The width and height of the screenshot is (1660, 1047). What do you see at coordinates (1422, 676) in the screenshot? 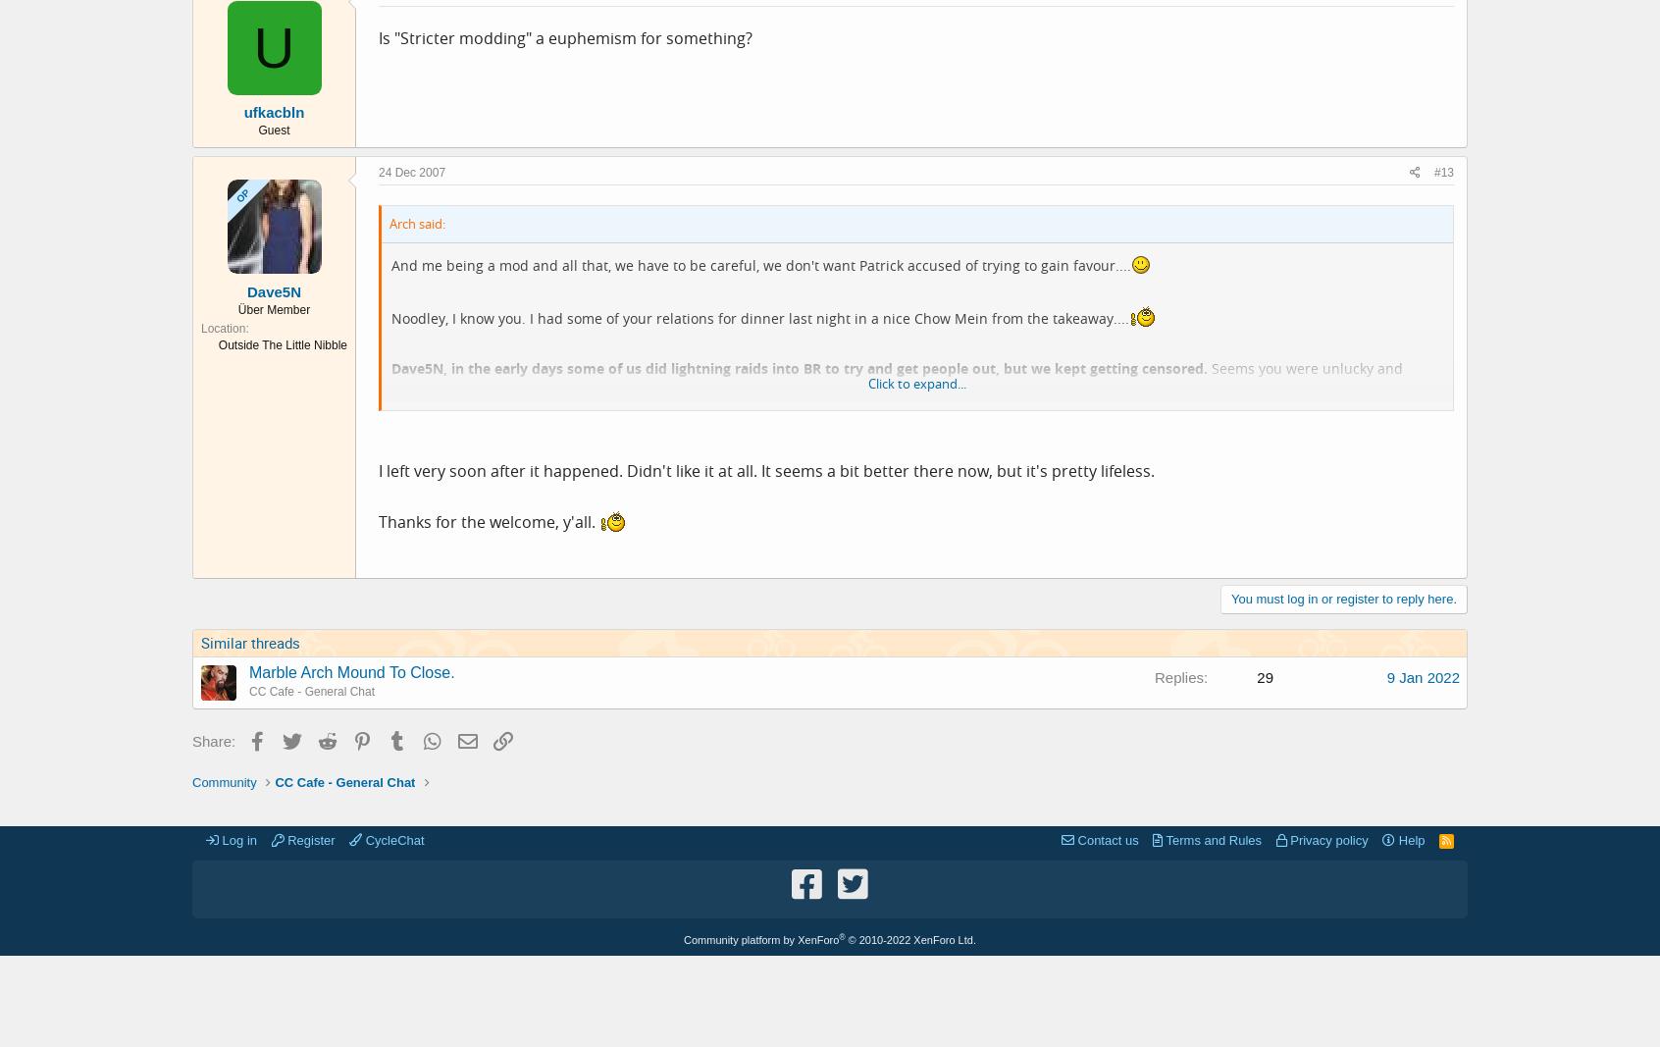
I see `'9 Jan 2022'` at bounding box center [1422, 676].